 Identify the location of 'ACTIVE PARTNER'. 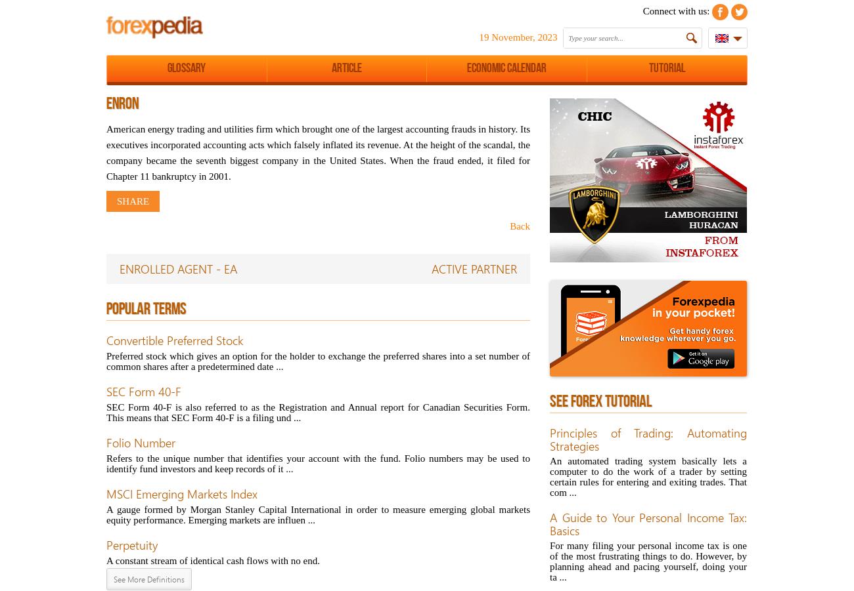
(474, 267).